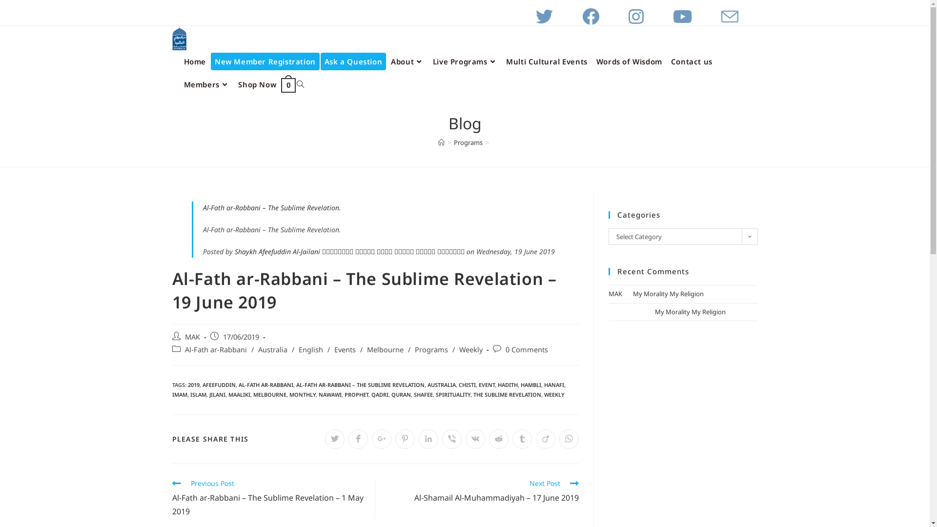 This screenshot has height=527, width=937. I want to click on 'AUSTRALIA', so click(441, 384).